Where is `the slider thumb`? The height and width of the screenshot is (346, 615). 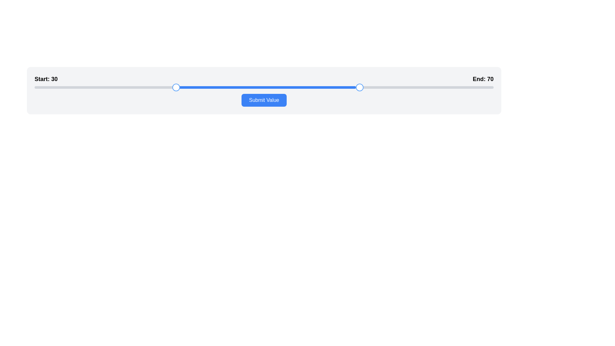
the slider thumb is located at coordinates (113, 87).